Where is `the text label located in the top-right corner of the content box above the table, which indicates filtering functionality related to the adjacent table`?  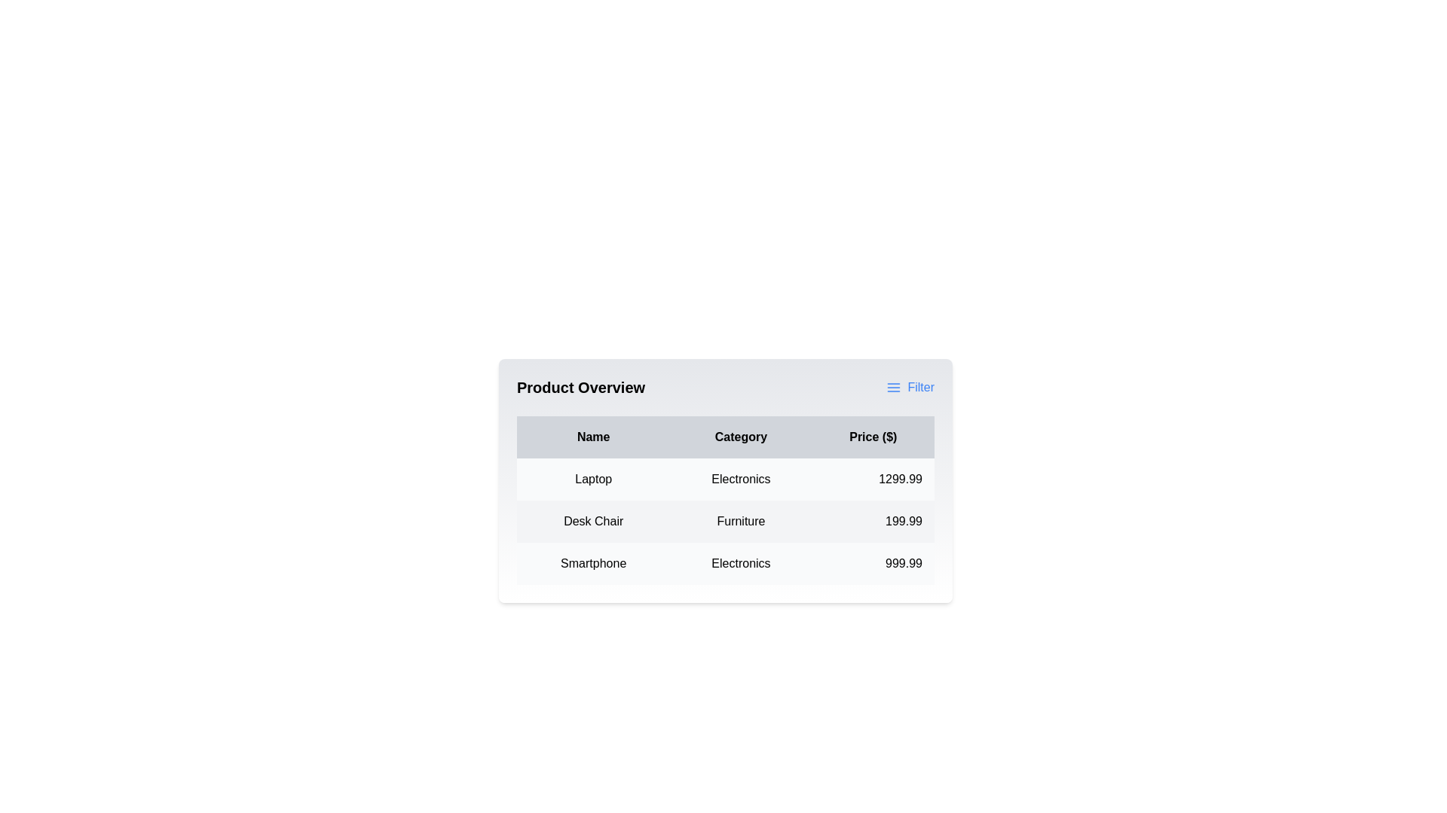
the text label located in the top-right corner of the content box above the table, which indicates filtering functionality related to the adjacent table is located at coordinates (920, 387).